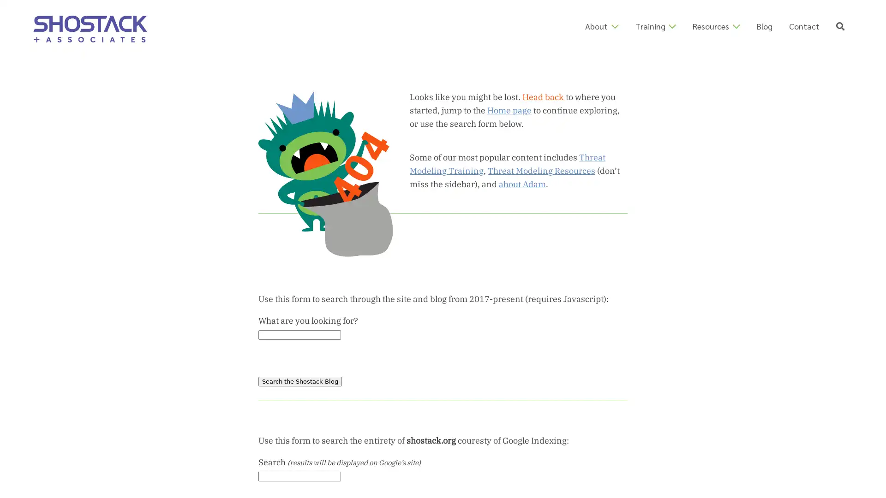  Describe the element at coordinates (300, 381) in the screenshot. I see `Search the Shostack Blog` at that location.